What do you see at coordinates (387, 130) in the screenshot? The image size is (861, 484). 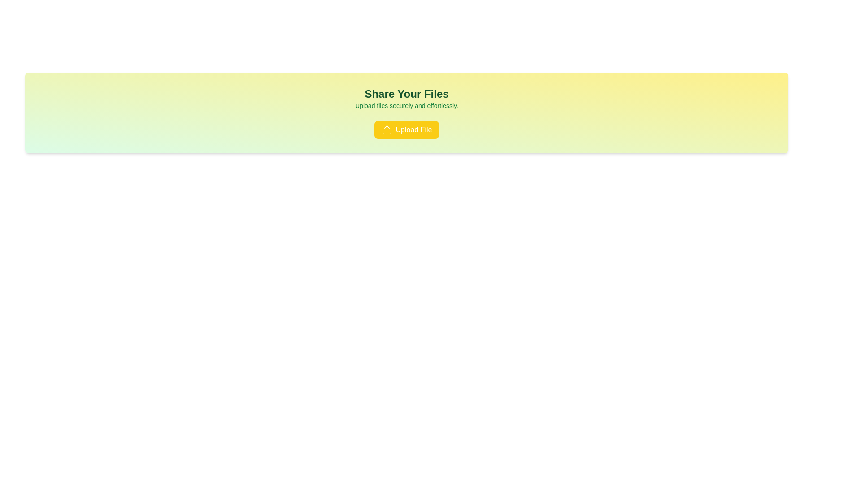 I see `the upload icon located inside the yellow 'Upload File' button below the 'Share Your Files' text` at bounding box center [387, 130].